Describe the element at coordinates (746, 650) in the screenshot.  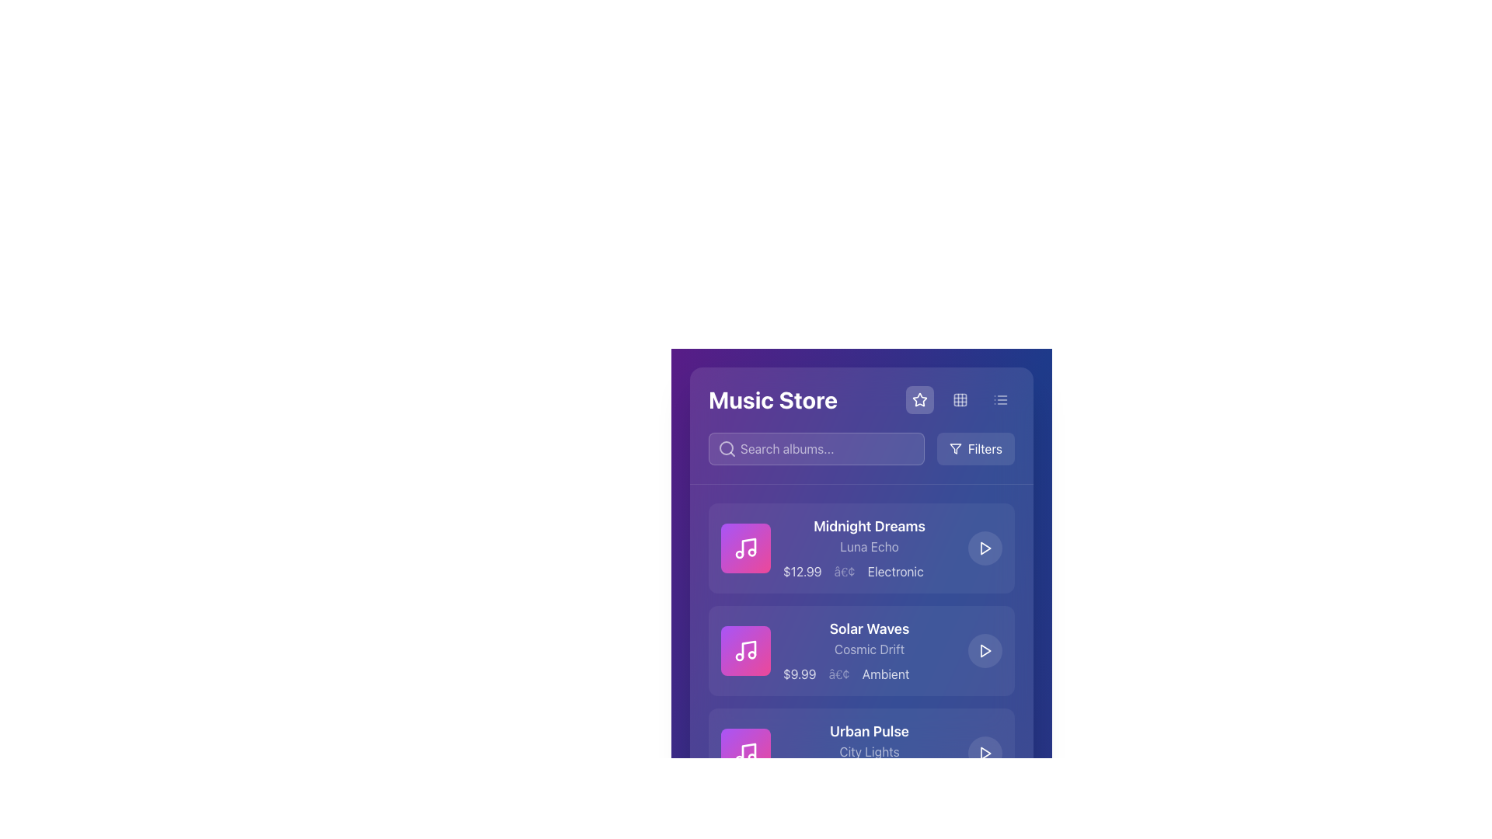
I see `the iconic button representing the music track 'Solar Waves', which is positioned to the left of the song's text information` at that location.